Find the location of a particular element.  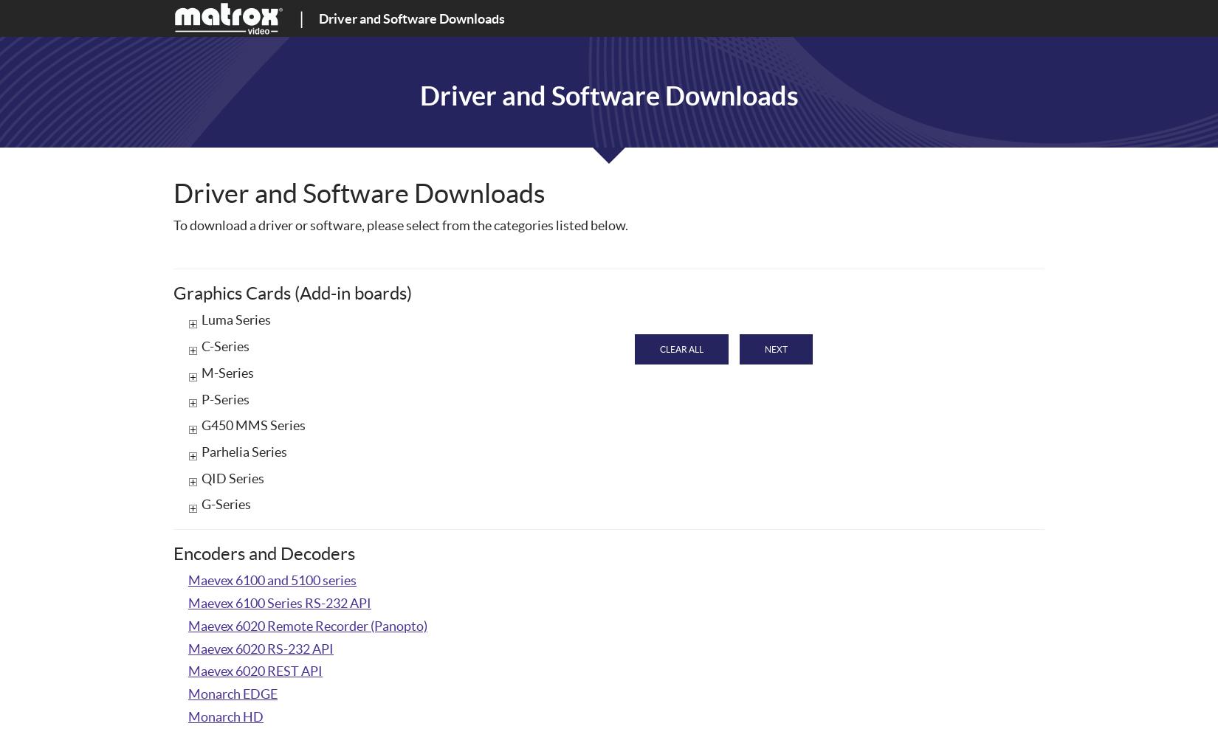

'Monarch HD' is located at coordinates (226, 716).